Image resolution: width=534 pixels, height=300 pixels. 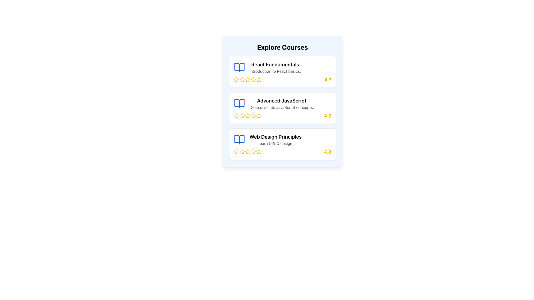 What do you see at coordinates (242, 79) in the screenshot?
I see `the first Rating Star Icon in the 'React Fundamentals' course rating component to provide a rating` at bounding box center [242, 79].